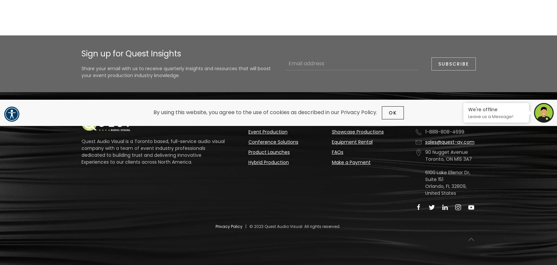  What do you see at coordinates (269, 152) in the screenshot?
I see `'Product Launches'` at bounding box center [269, 152].